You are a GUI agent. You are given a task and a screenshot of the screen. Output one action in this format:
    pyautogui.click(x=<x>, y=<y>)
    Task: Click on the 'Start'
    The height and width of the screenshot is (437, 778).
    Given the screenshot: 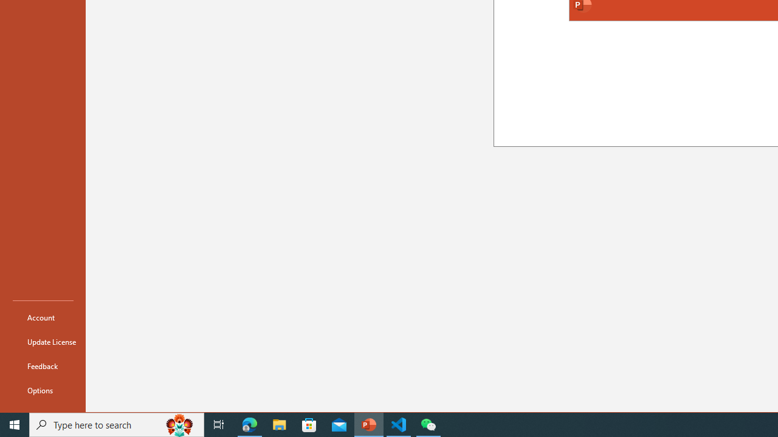 What is the action you would take?
    pyautogui.click(x=15, y=424)
    